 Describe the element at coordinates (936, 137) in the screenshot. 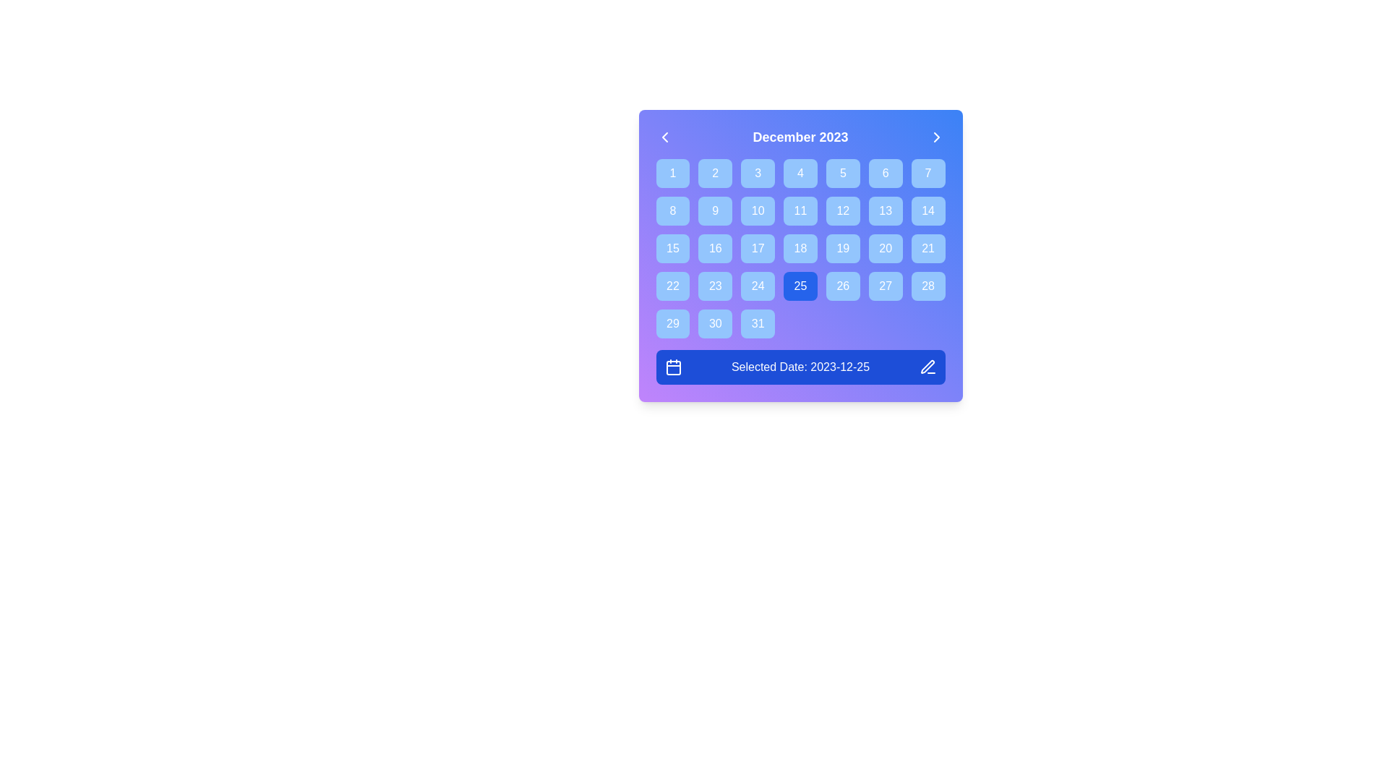

I see `the right-facing chevron button` at that location.